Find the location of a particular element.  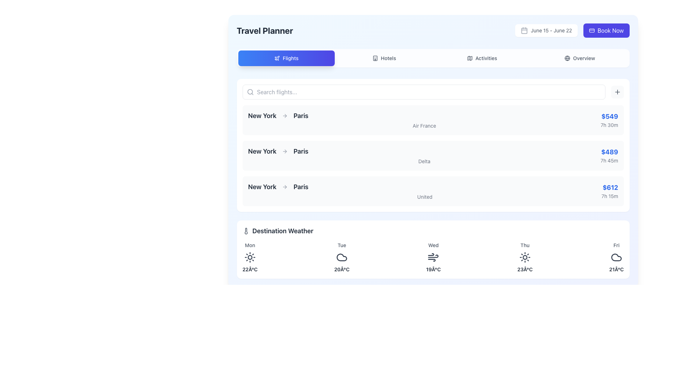

the payment or booking icon located to the left of the 'Book Now' text in the top-right corner of the interface is located at coordinates (592, 30).